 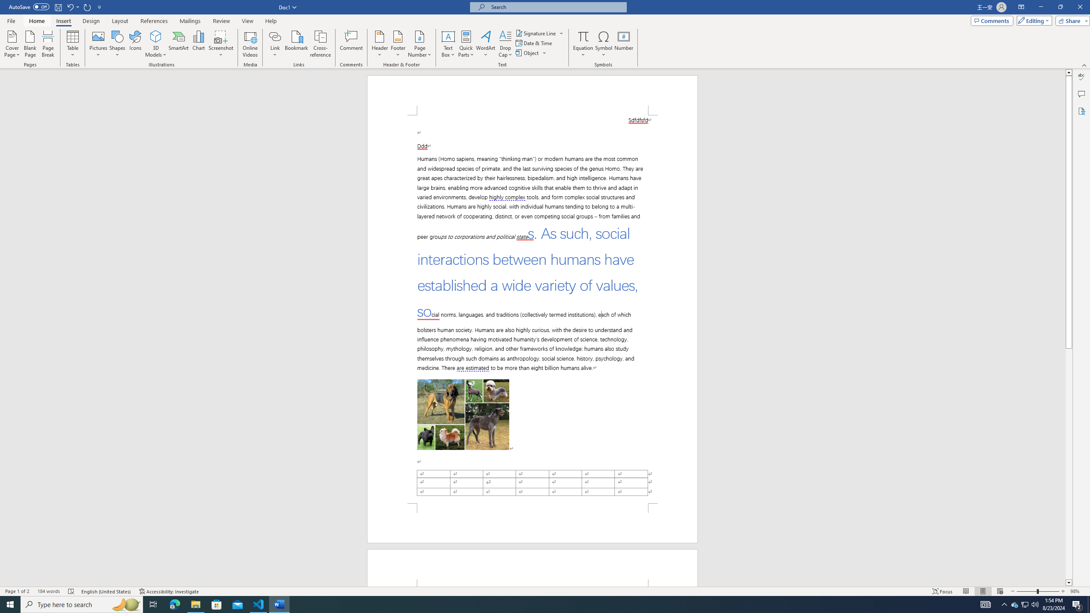 What do you see at coordinates (118, 44) in the screenshot?
I see `'Shapes'` at bounding box center [118, 44].